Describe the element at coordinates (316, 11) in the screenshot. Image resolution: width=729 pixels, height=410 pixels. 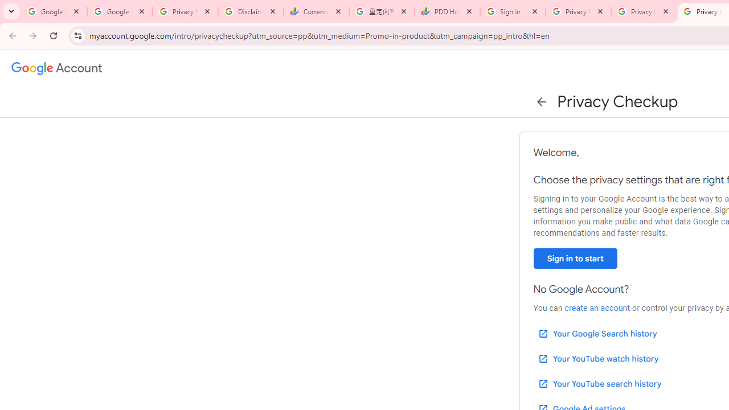
I see `'Currencies - Google Finance'` at that location.